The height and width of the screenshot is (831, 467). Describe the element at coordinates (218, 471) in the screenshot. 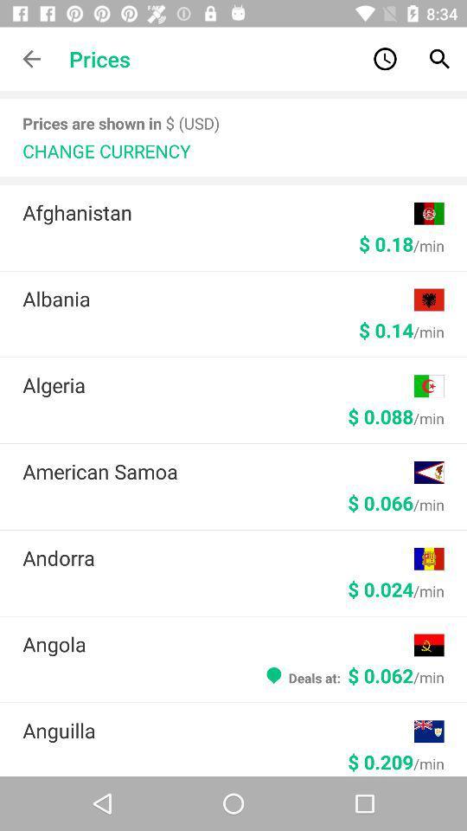

I see `item above the $ 0.066/min` at that location.